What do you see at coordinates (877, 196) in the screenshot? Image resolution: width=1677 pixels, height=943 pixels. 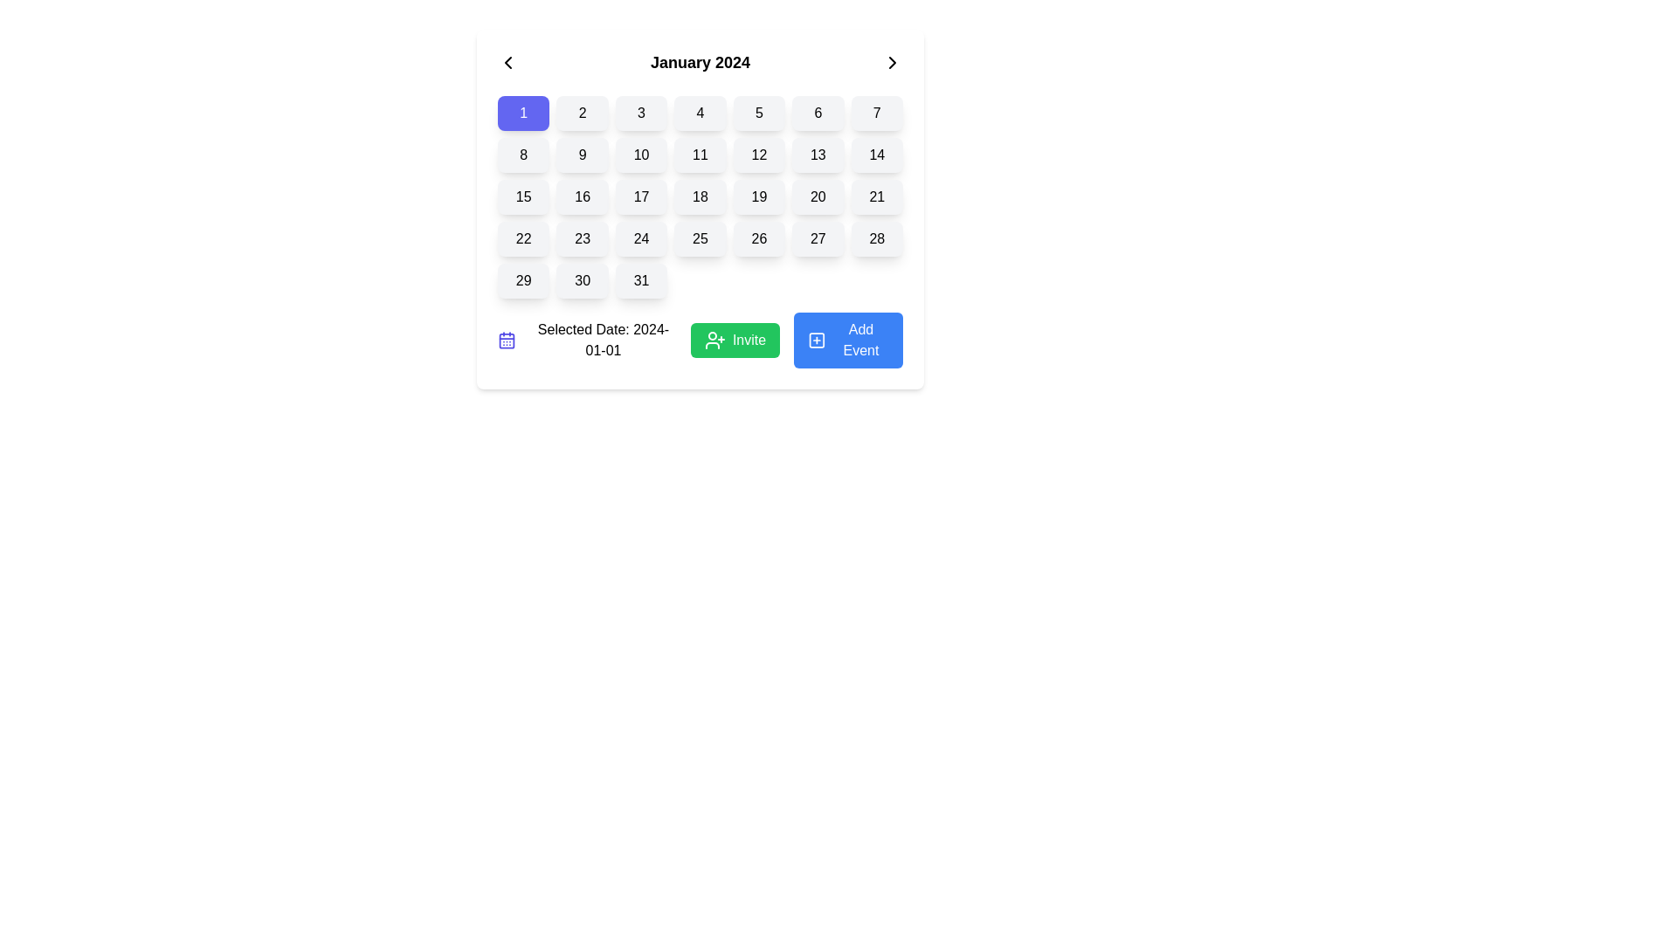 I see `the 21st day in the calendar view, which is located in the third row and seventh column of the calendar grid` at bounding box center [877, 196].